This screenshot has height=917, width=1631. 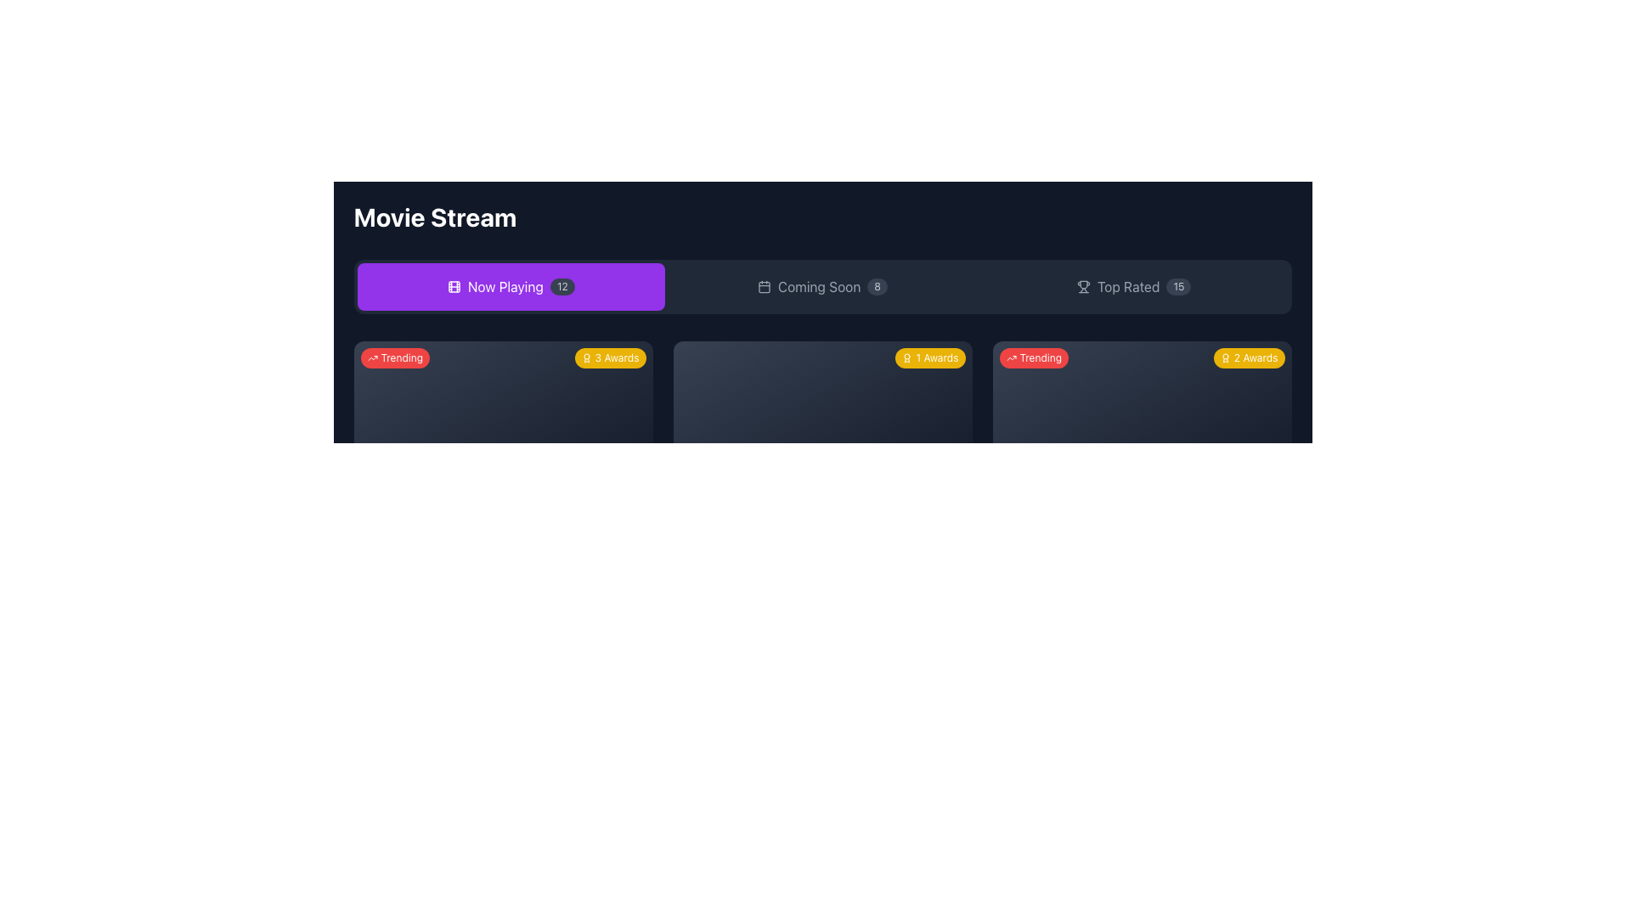 What do you see at coordinates (371, 357) in the screenshot?
I see `the trending icon located within the notification badge labeled 'Trending', positioned to the left of the text in the badge` at bounding box center [371, 357].